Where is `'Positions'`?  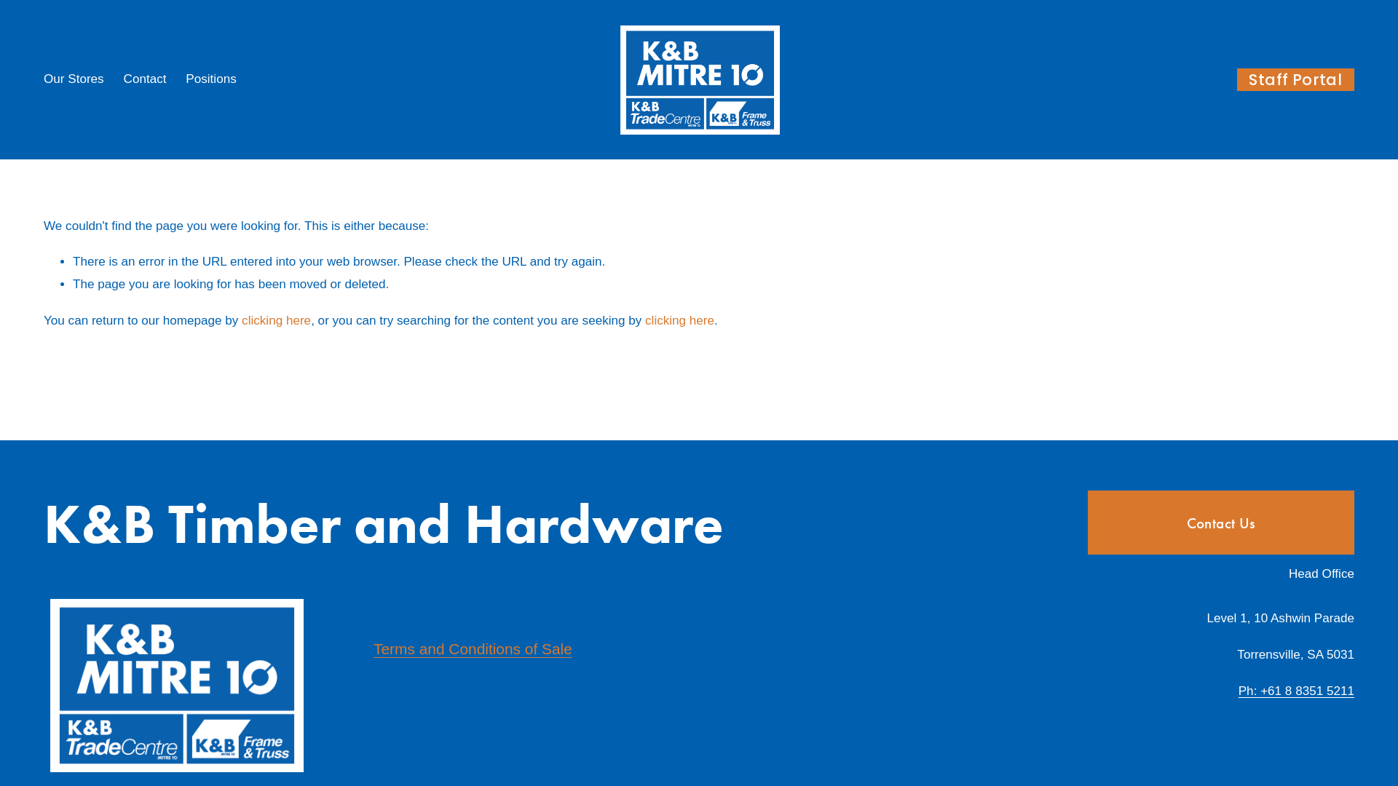 'Positions' is located at coordinates (184, 79).